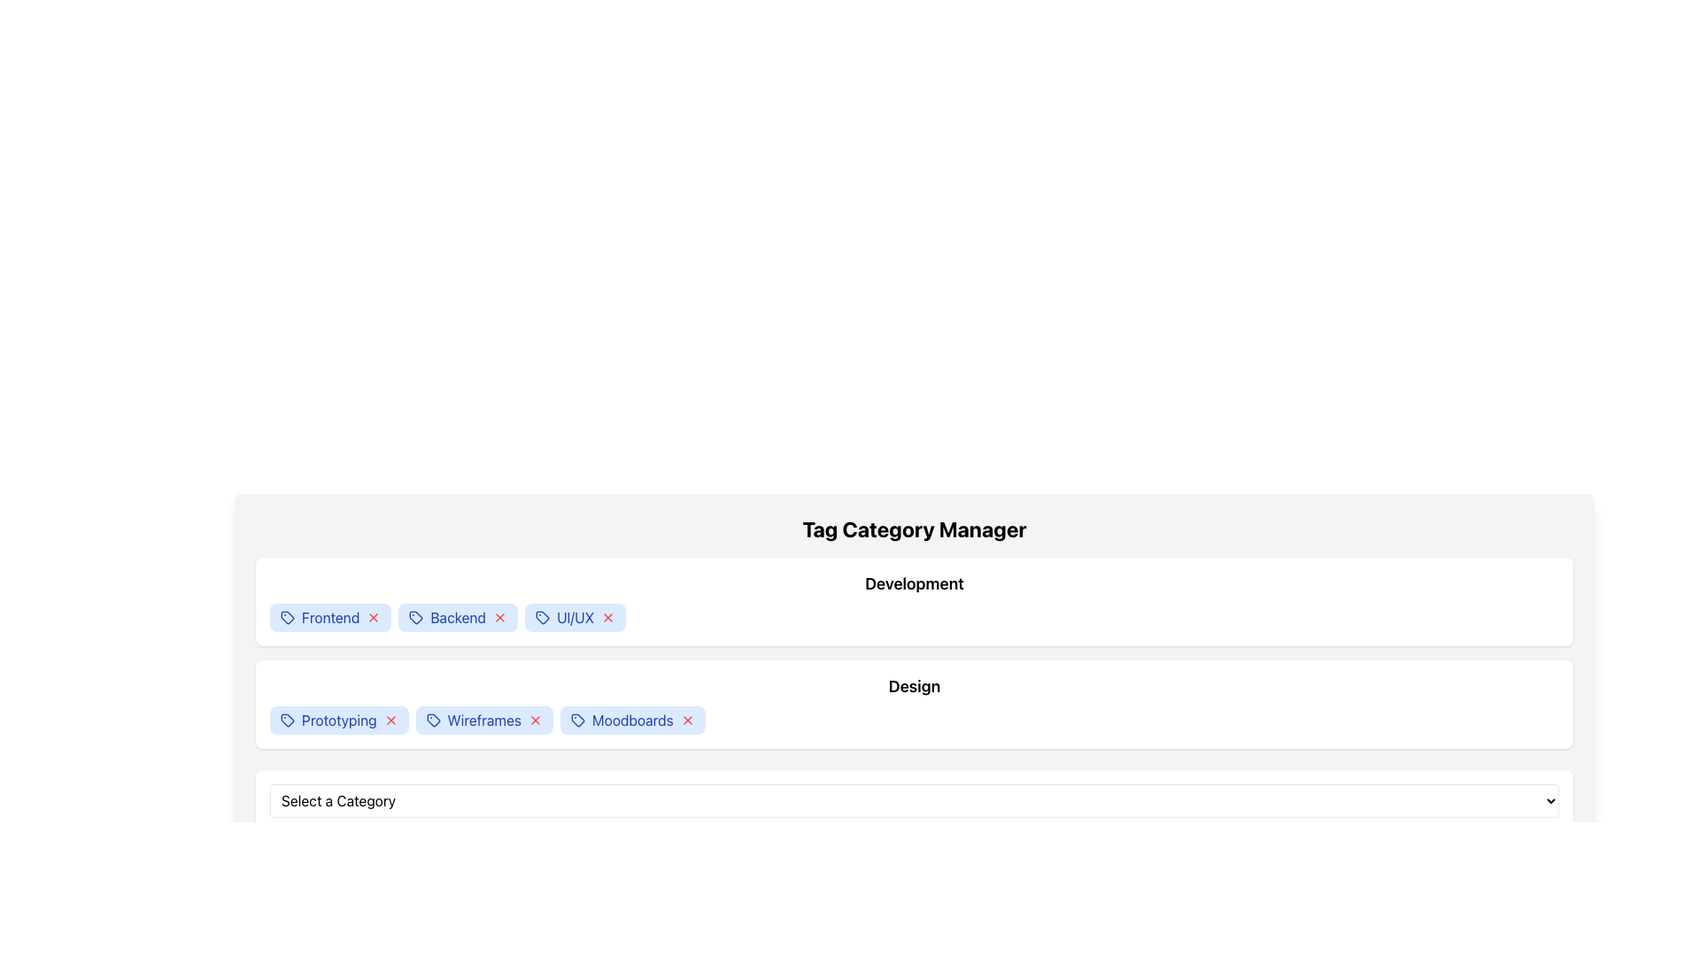 The image size is (1700, 956). What do you see at coordinates (686, 720) in the screenshot?
I see `the small red 'X' icon button located to the right of the 'Moodboards' text within the rounded blue tag` at bounding box center [686, 720].